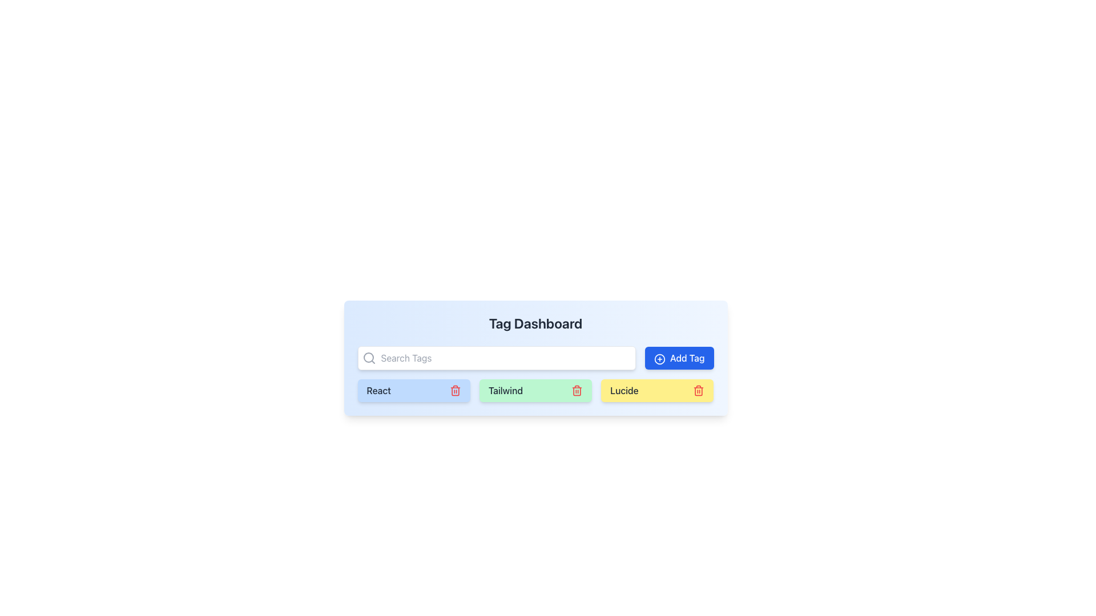 The image size is (1096, 616). I want to click on the circular blue icon with a plus symbol inside, located within the 'Add Tag' button, positioned to the right of the main search bar, so click(659, 358).